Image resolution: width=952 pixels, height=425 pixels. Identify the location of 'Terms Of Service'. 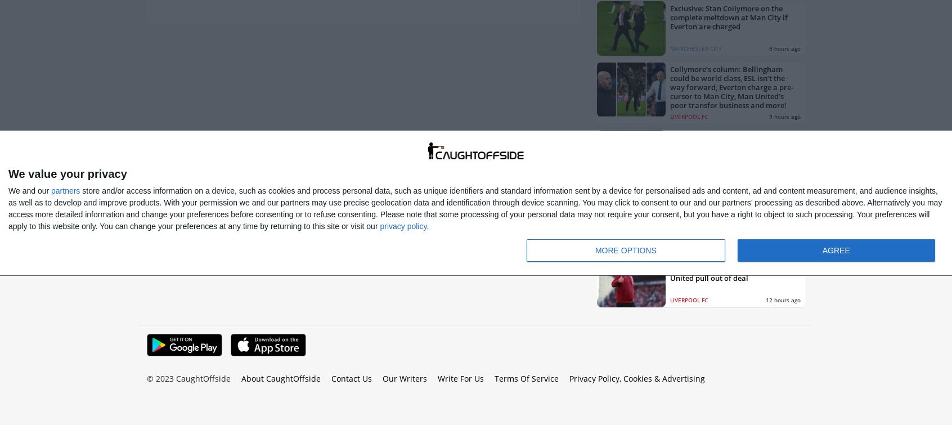
(493, 378).